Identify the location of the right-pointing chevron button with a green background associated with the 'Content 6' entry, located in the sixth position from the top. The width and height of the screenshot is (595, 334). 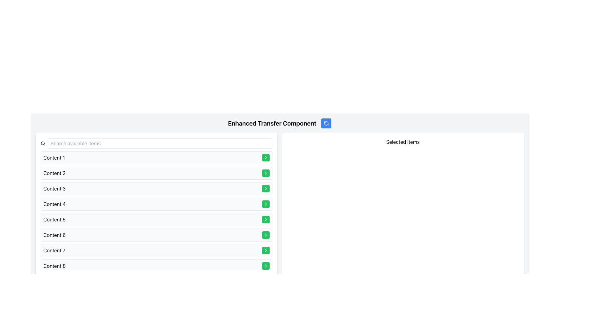
(266, 157).